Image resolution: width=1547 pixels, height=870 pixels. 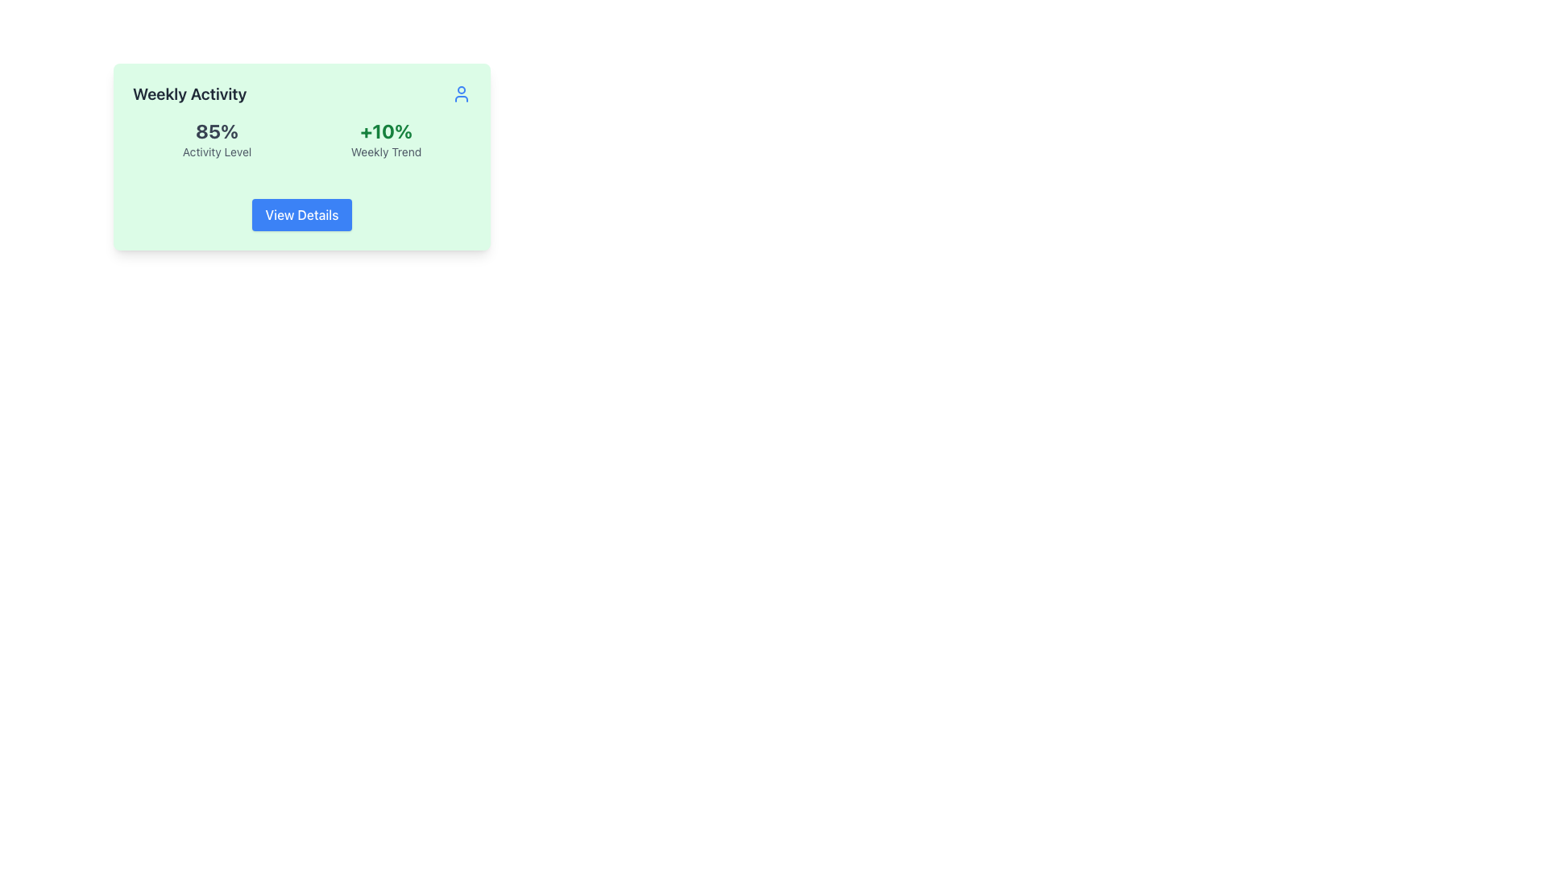 I want to click on the button located at the bottom center of the green card displaying 'Weekly Activity', which allows users, so click(x=301, y=213).